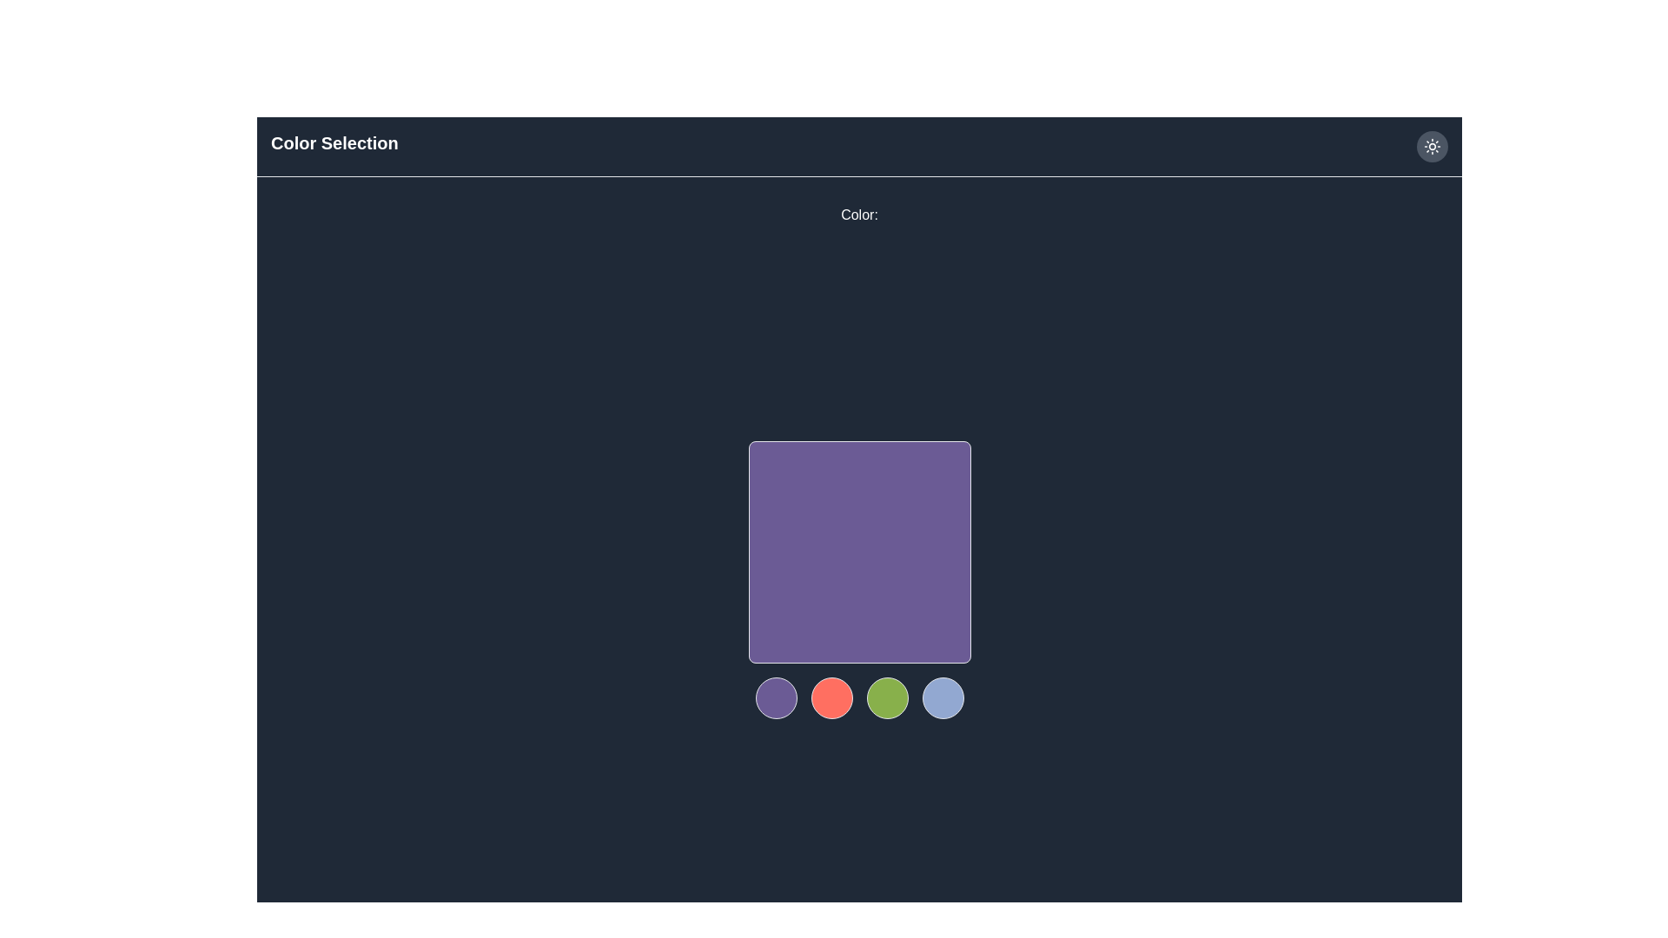 The height and width of the screenshot is (938, 1668). Describe the element at coordinates (819, 697) in the screenshot. I see `the red circular element located centrally beneath a large purple square` at that location.